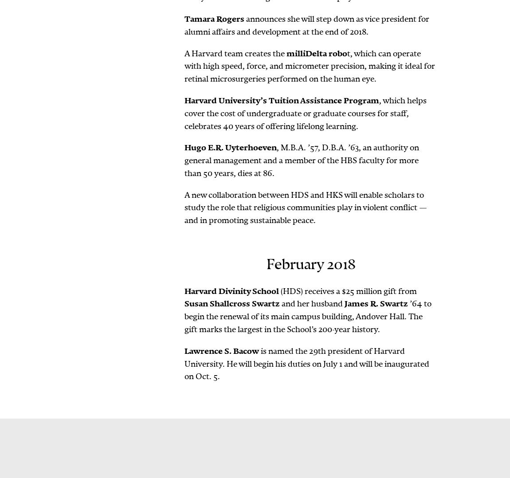  What do you see at coordinates (312, 303) in the screenshot?
I see `'and her husband'` at bounding box center [312, 303].